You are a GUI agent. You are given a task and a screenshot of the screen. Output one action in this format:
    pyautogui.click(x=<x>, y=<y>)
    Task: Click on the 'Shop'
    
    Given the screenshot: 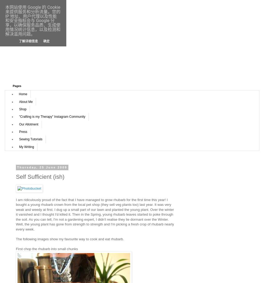 What is the action you would take?
    pyautogui.click(x=23, y=109)
    